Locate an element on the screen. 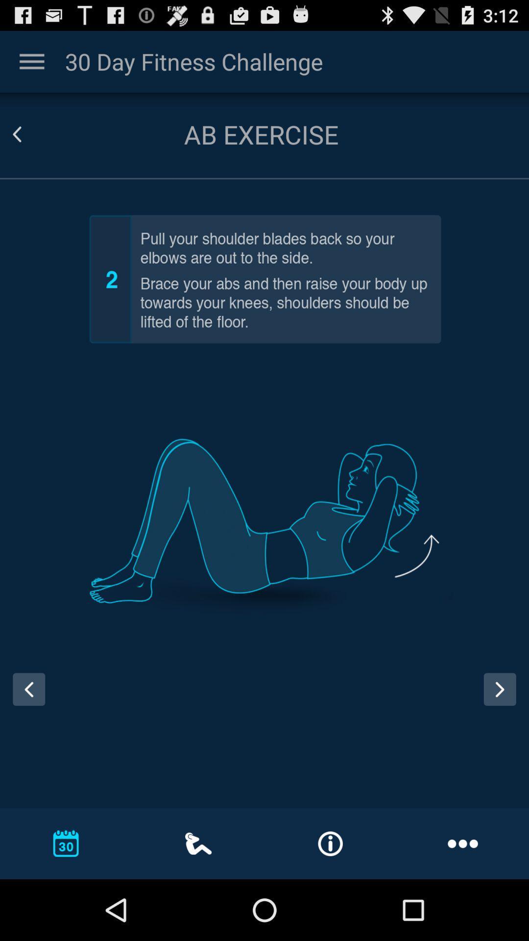 The width and height of the screenshot is (529, 941). previous is located at coordinates (28, 689).